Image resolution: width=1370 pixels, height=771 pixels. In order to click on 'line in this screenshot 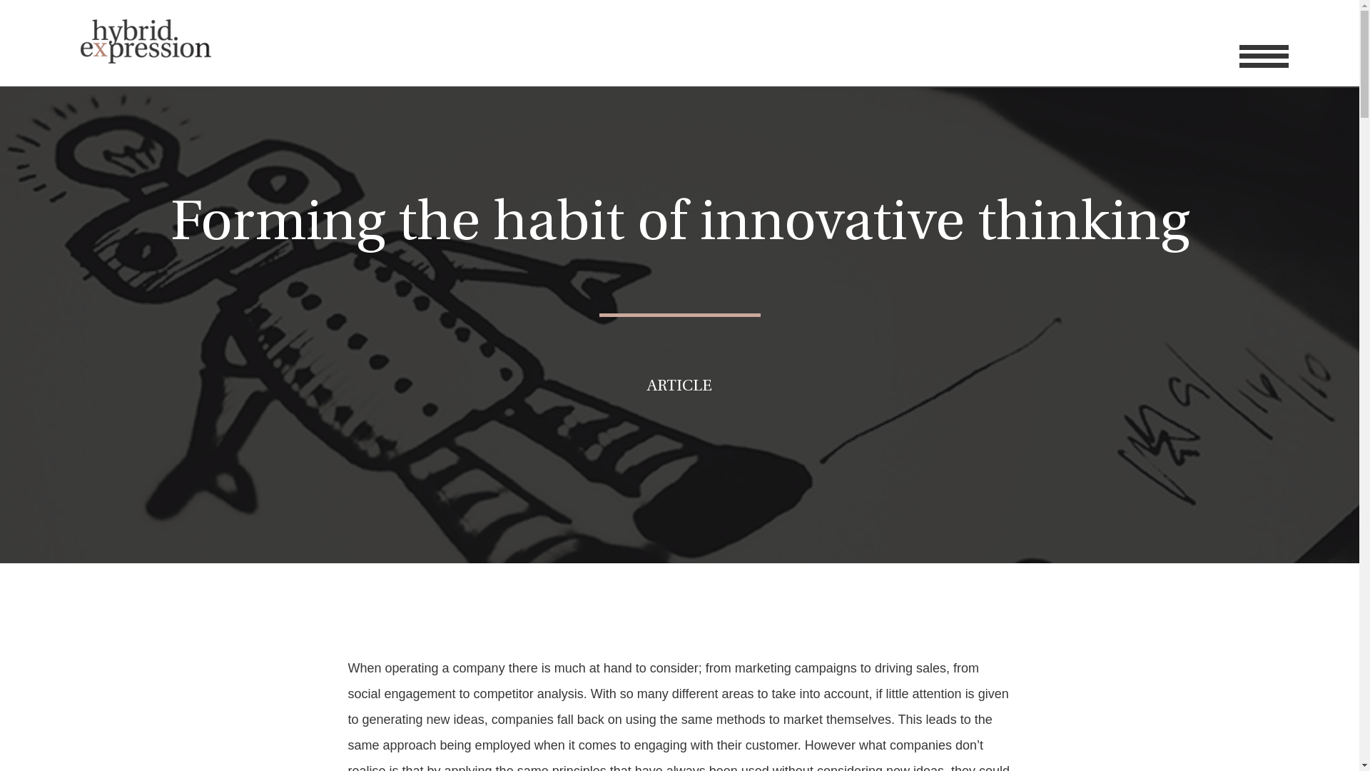, I will do `click(1239, 55)`.